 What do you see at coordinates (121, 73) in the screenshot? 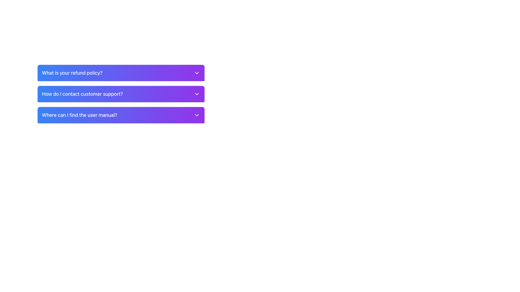
I see `collapsible header element with the text 'What is your refund policy?' and the chevron-down icon located at the top of the vertical stack of similar elements` at bounding box center [121, 73].